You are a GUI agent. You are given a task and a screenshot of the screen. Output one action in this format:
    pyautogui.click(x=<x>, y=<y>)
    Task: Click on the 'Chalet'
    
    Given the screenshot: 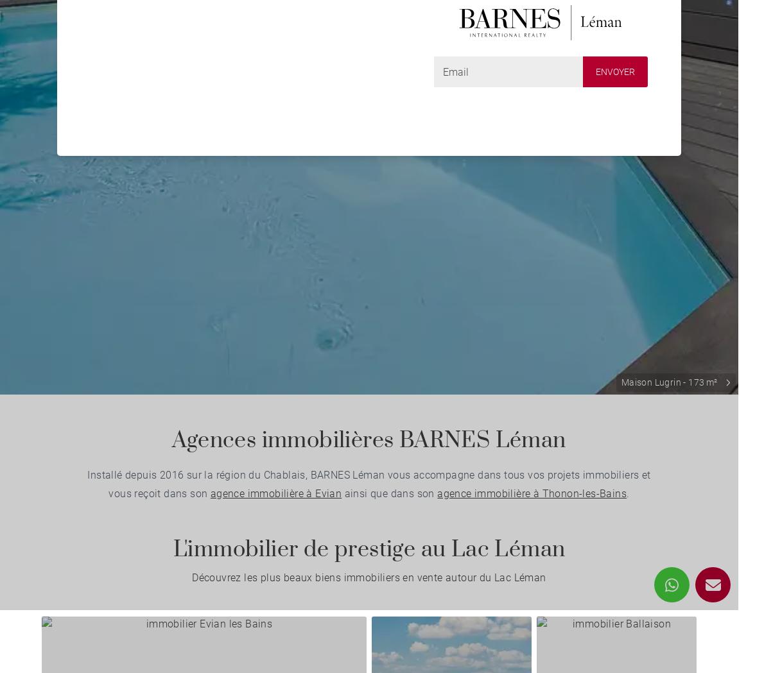 What is the action you would take?
    pyautogui.click(x=110, y=69)
    